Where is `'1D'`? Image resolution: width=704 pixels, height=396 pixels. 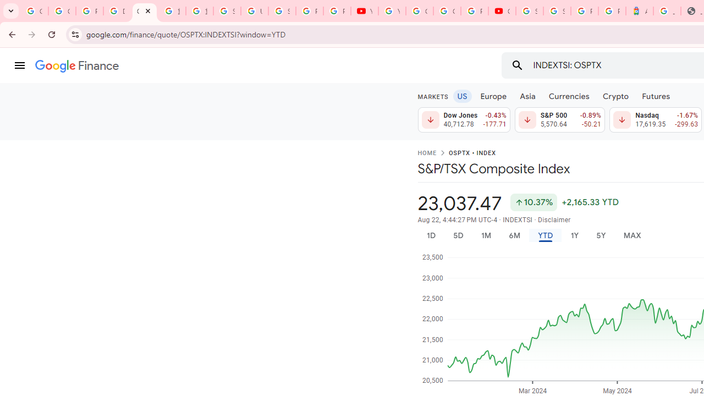 '1D' is located at coordinates (430, 235).